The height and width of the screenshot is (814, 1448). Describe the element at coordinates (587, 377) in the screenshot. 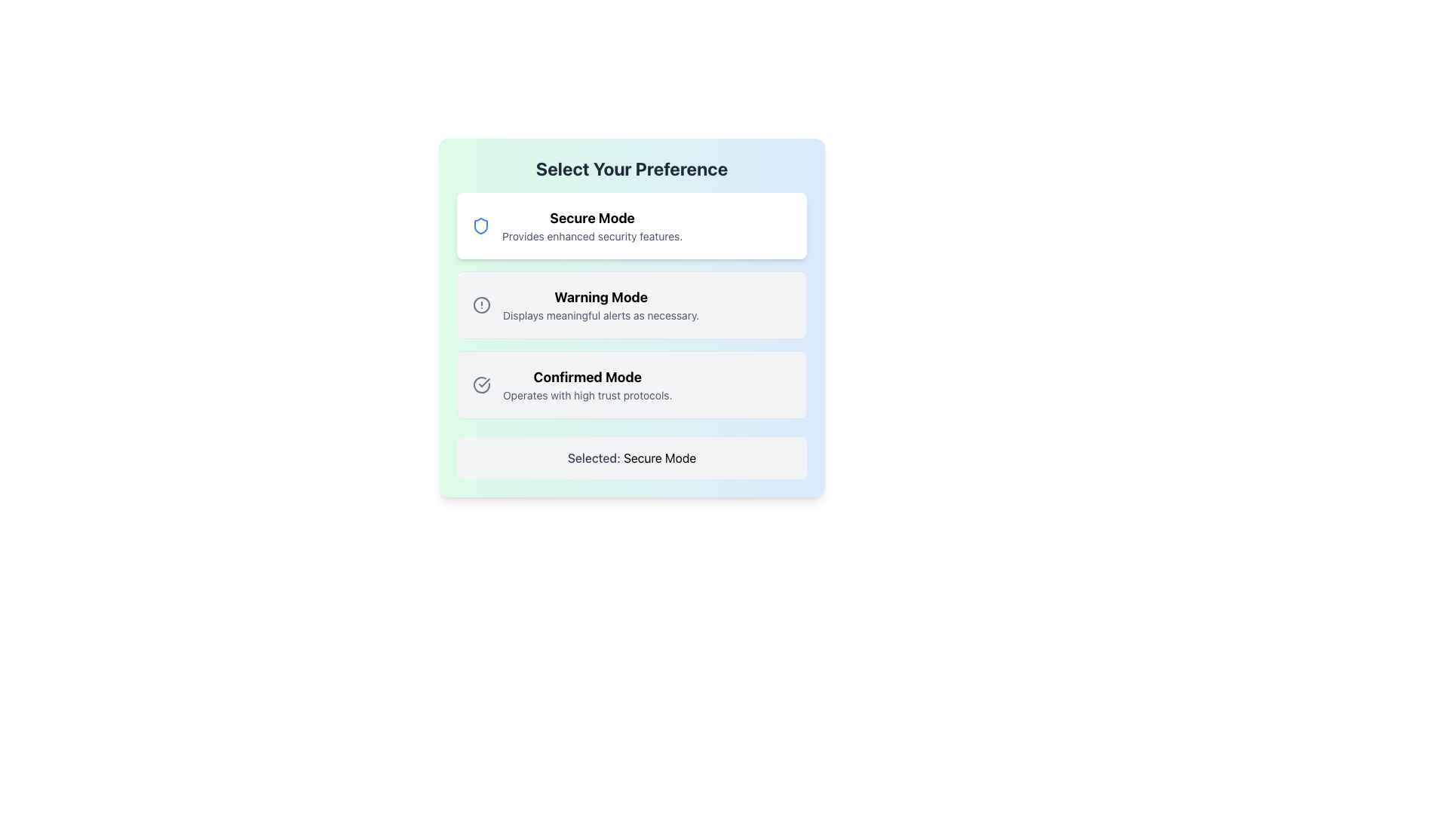

I see `the title Text Display for the 'Confirmed Mode' preference, which is located above the description text 'Operates with high trust protocols.'` at that location.